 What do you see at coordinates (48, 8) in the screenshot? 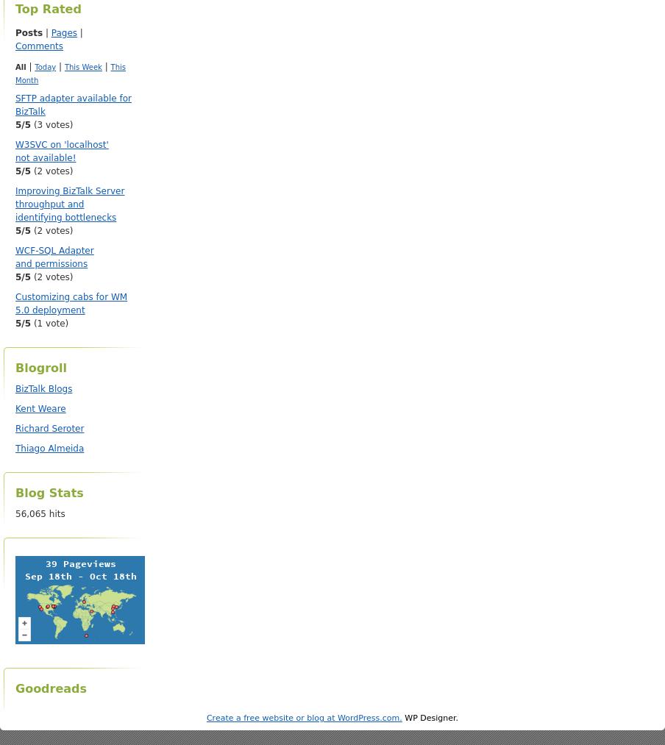
I see `'Top Rated'` at bounding box center [48, 8].